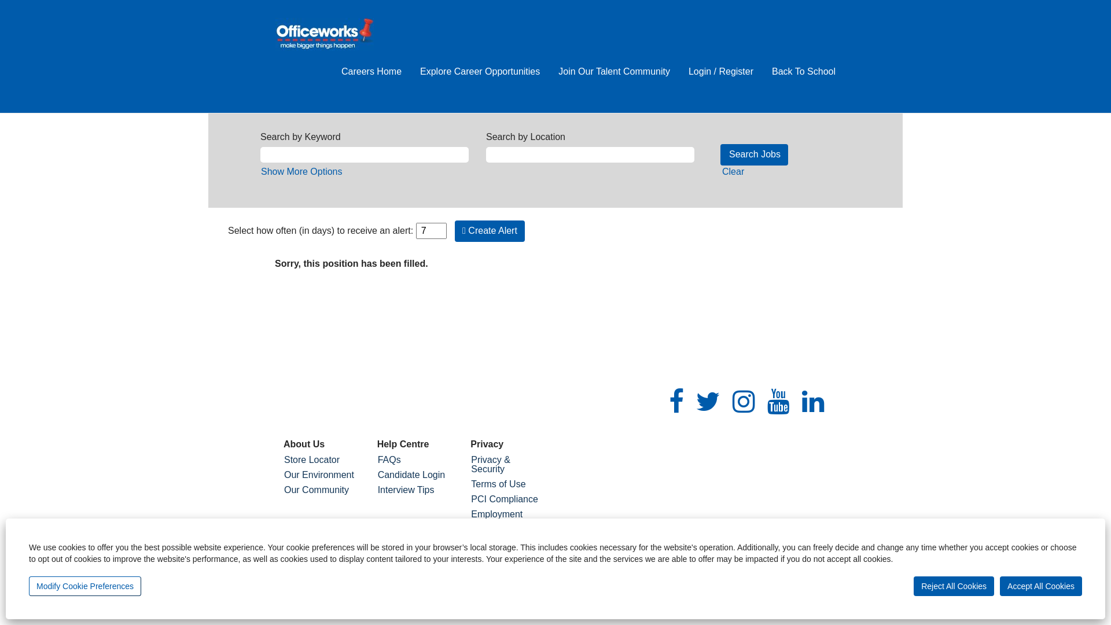  What do you see at coordinates (84, 586) in the screenshot?
I see `'Modify Cookie Preferences'` at bounding box center [84, 586].